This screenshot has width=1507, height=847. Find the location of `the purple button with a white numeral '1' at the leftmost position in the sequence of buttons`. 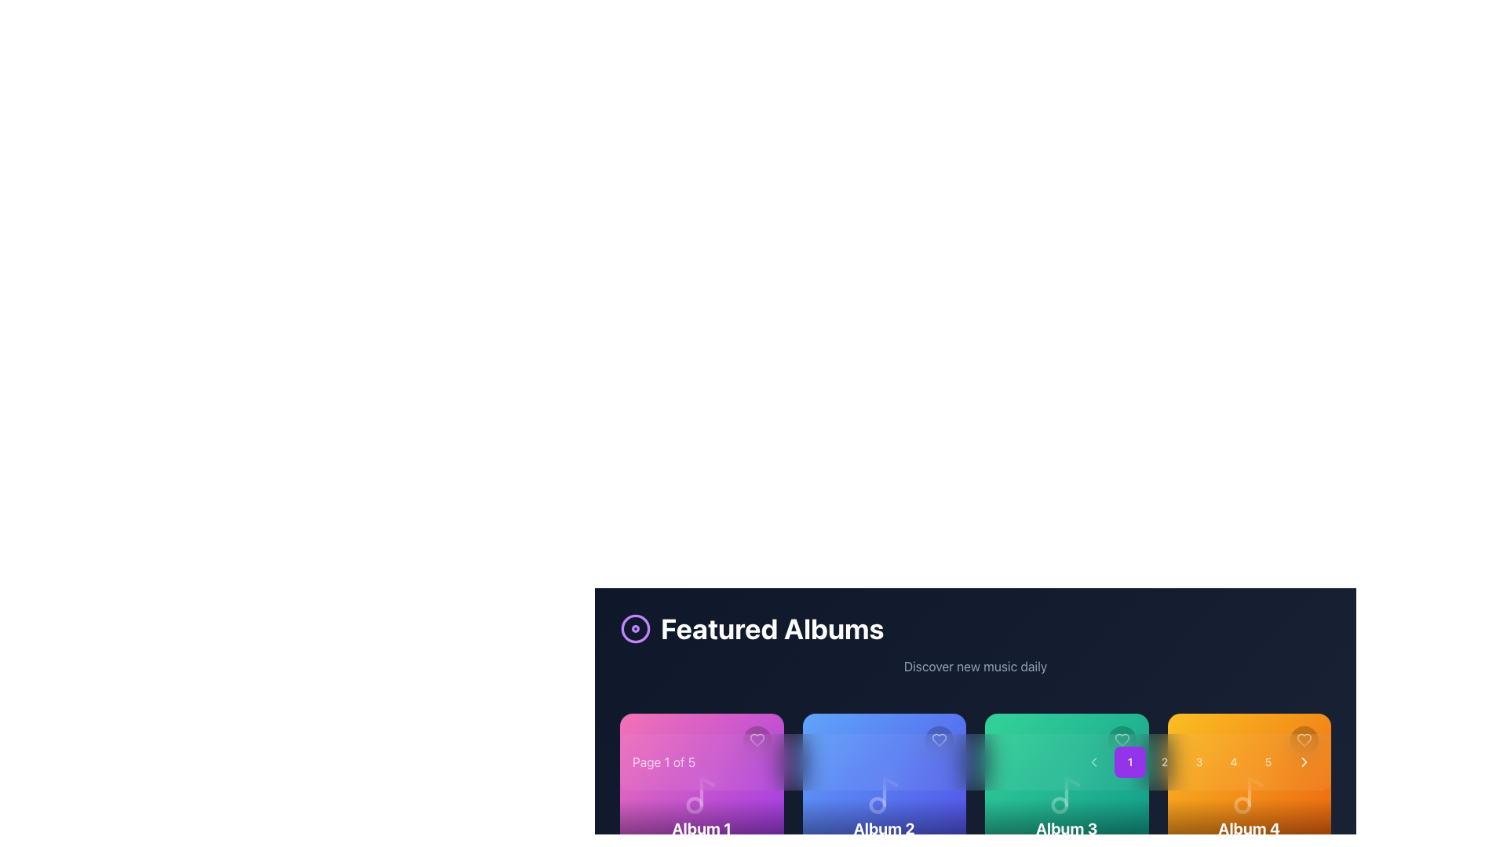

the purple button with a white numeral '1' at the leftmost position in the sequence of buttons is located at coordinates (1130, 762).